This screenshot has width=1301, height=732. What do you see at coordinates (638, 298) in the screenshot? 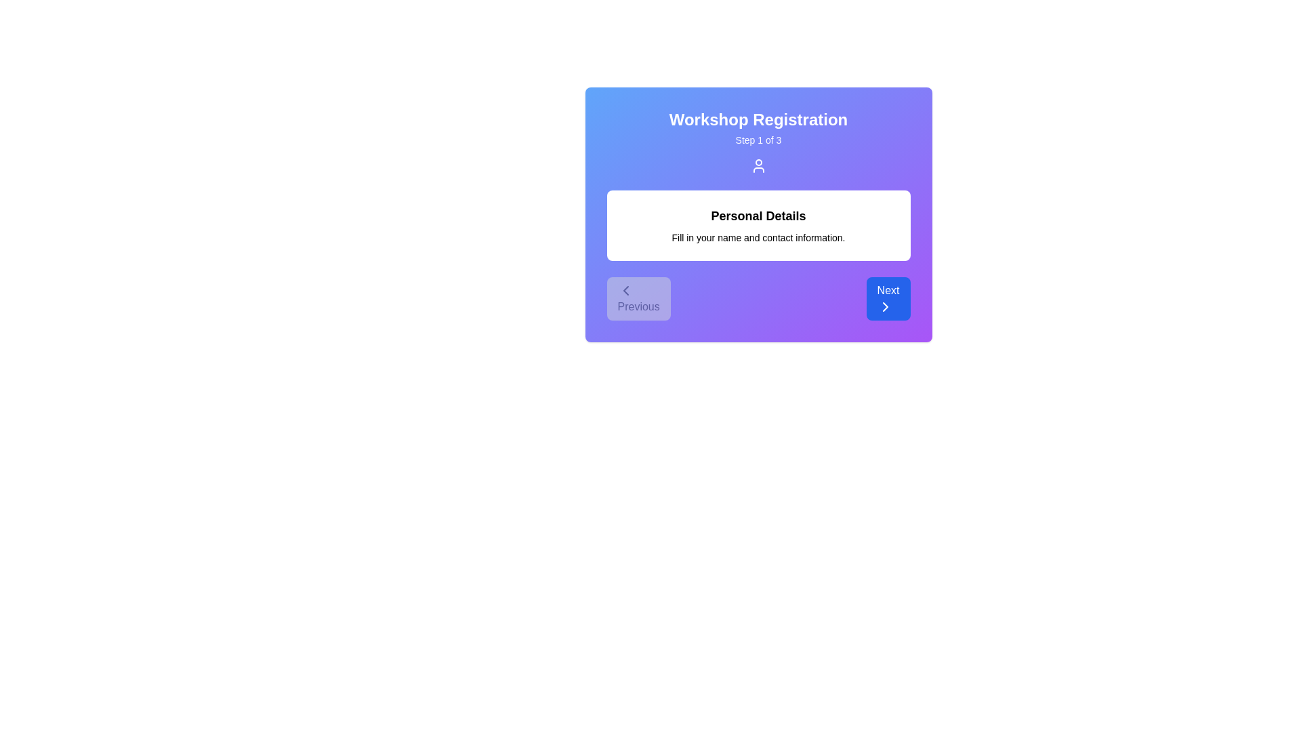
I see `the 'Previous' button, which is a rectangular button with a gray background and a left-arrow icon, located at the bottom-left corner of the workshop registration card` at bounding box center [638, 298].